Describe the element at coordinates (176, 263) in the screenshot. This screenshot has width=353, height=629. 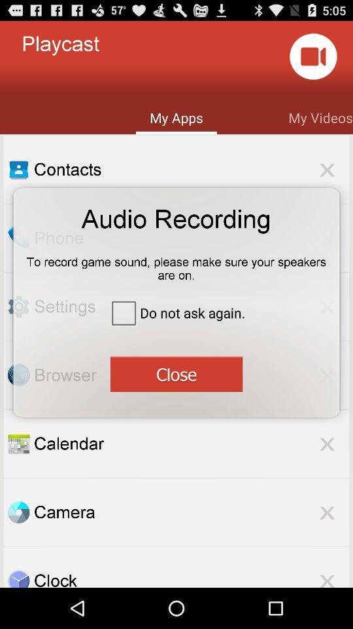
I see `the to record game icon` at that location.